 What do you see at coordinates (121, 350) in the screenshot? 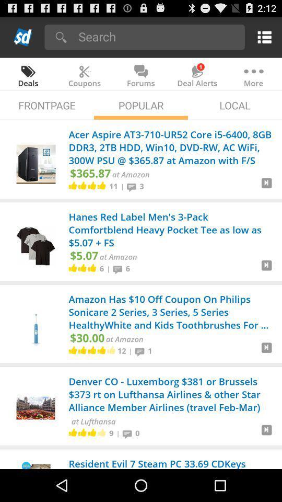
I see `the app below the at amazon app` at bounding box center [121, 350].